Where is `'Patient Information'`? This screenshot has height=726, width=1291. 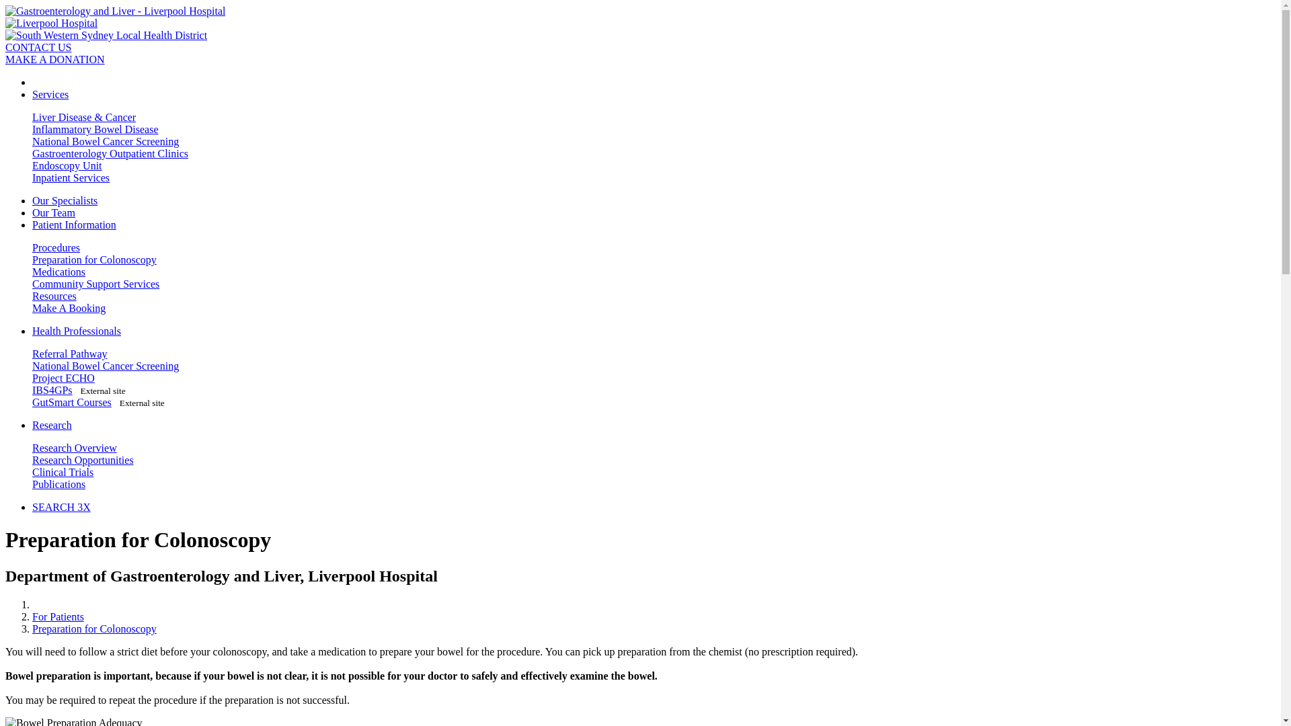 'Patient Information' is located at coordinates (73, 224).